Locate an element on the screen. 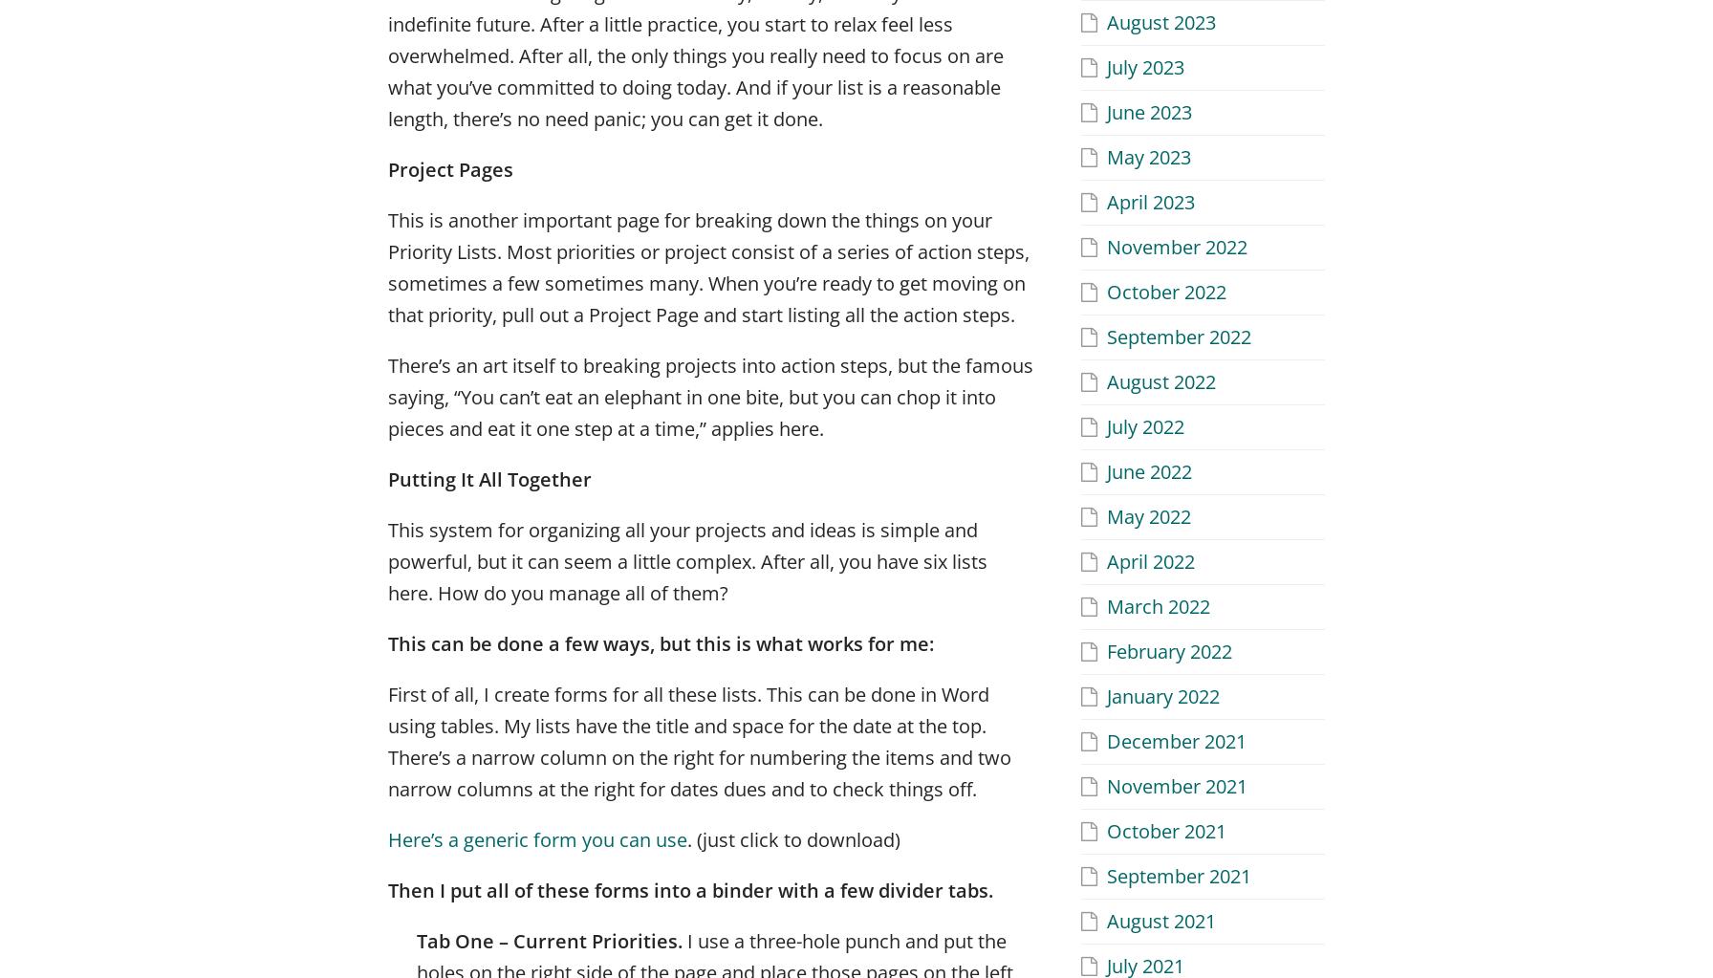  'August 2021' is located at coordinates (1160, 920).